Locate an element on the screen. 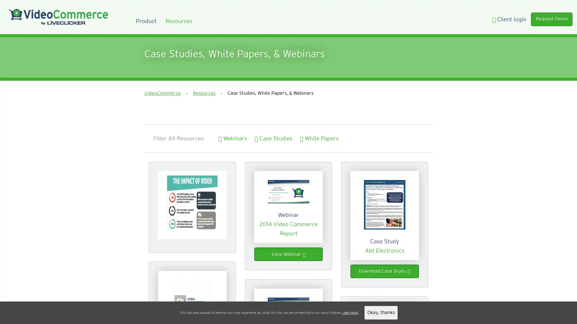 The image size is (577, 324). View Webinar is located at coordinates (288, 254).